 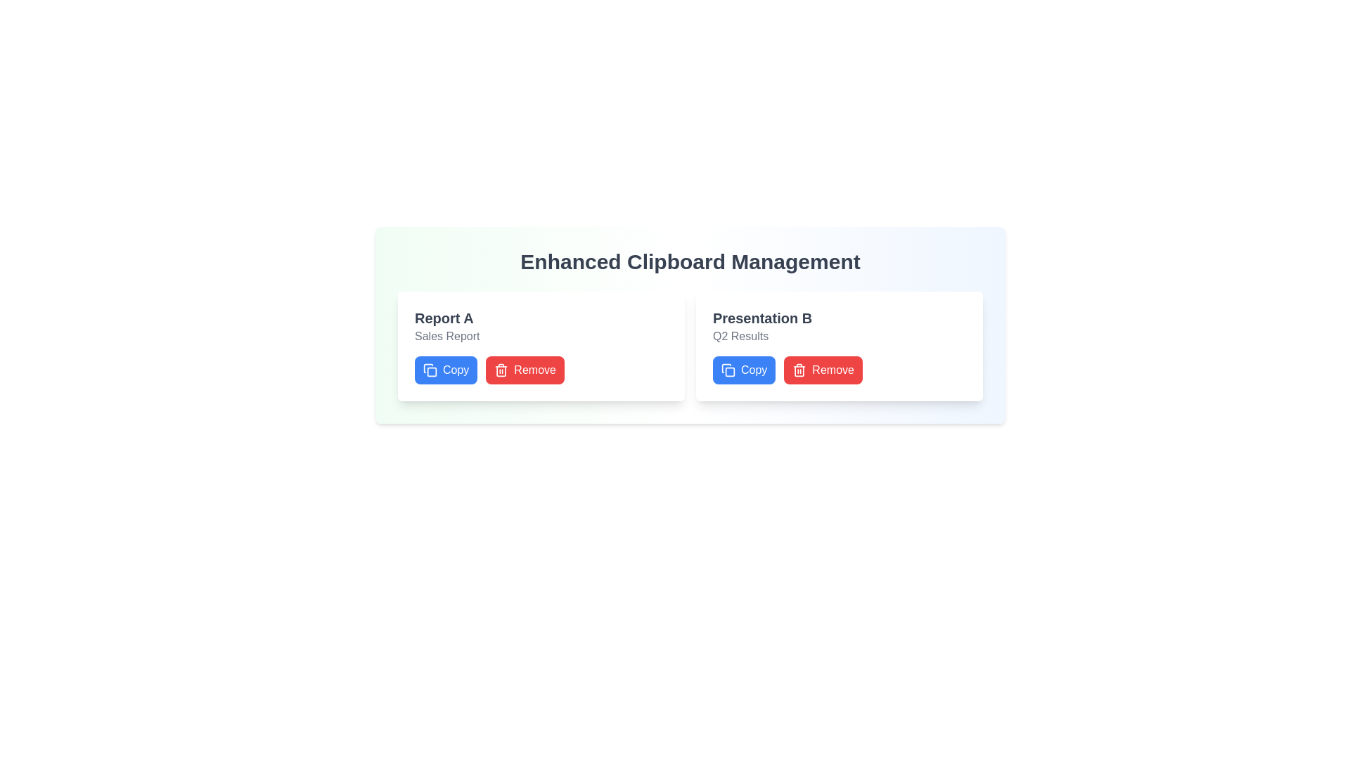 What do you see at coordinates (740, 336) in the screenshot?
I see `the static text label displaying 'Q2 Results' located within the second card from the left, below the heading 'Presentation B'` at bounding box center [740, 336].